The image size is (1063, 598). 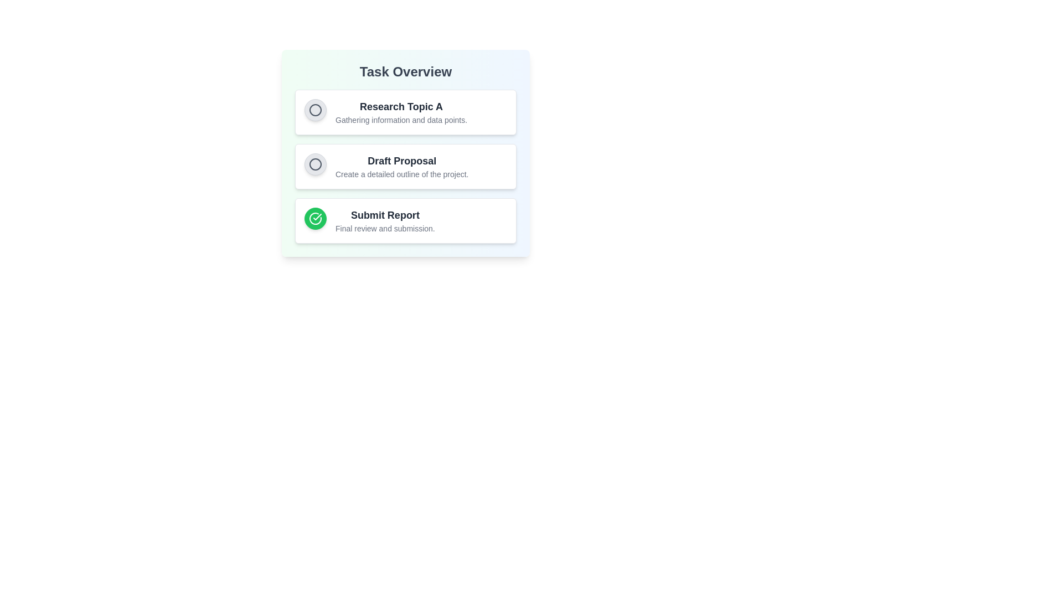 I want to click on the inactive status-indicating icon for the 'Research Topic A' task, located in the first item of the task list, so click(x=315, y=110).